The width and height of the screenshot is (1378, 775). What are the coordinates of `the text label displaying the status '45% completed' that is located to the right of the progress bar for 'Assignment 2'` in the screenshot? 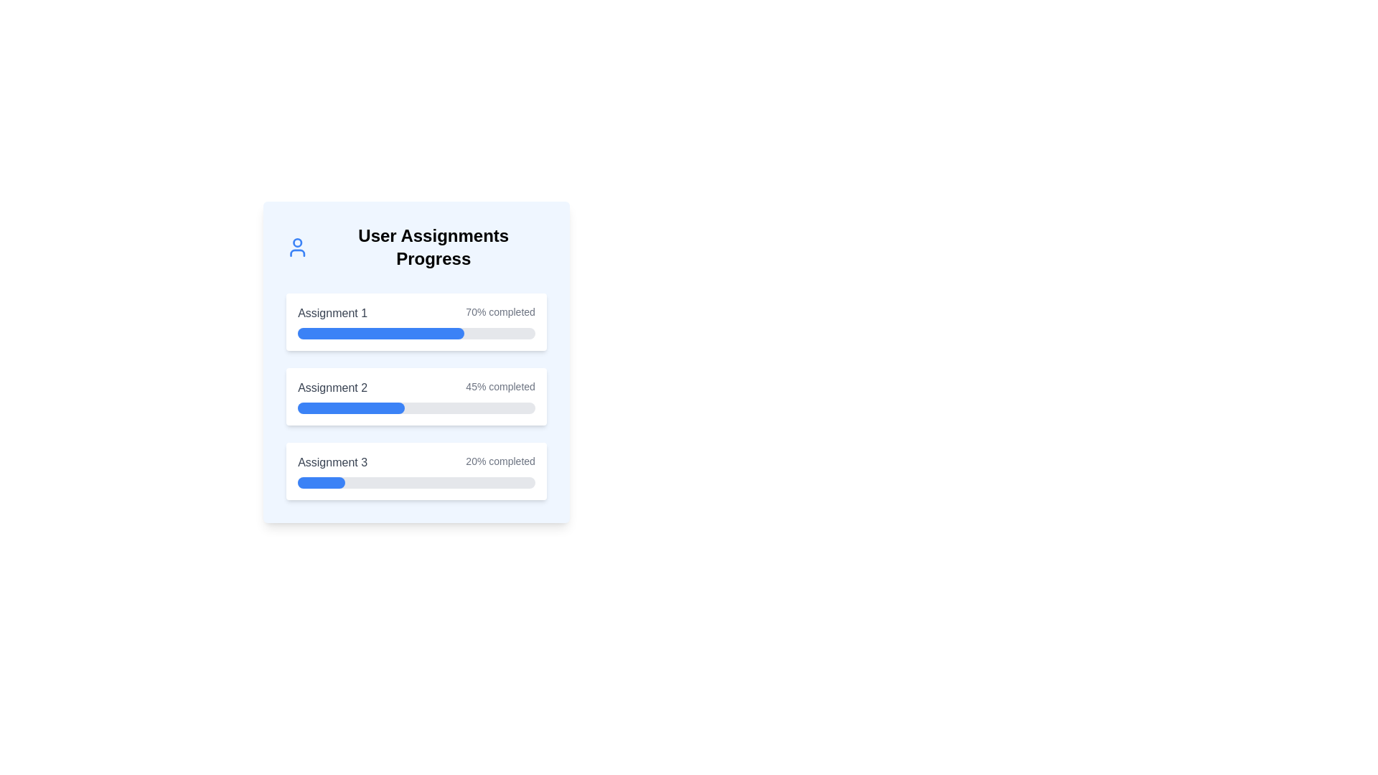 It's located at (500, 387).